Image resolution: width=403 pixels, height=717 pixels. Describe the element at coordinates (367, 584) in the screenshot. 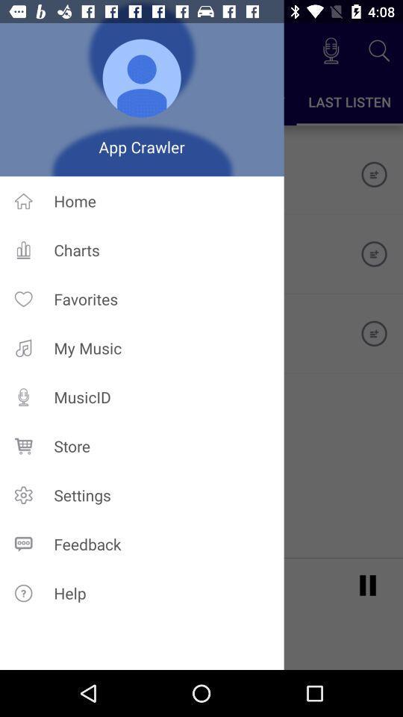

I see `the pause icon` at that location.